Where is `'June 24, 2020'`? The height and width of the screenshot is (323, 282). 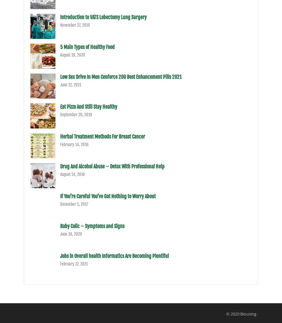 'June 24, 2020' is located at coordinates (60, 233).